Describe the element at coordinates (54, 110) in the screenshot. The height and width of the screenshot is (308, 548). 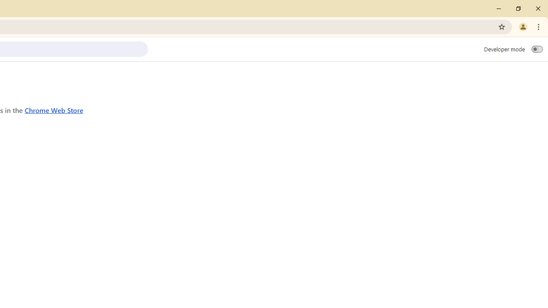
I see `'Chrome Web Store'` at that location.